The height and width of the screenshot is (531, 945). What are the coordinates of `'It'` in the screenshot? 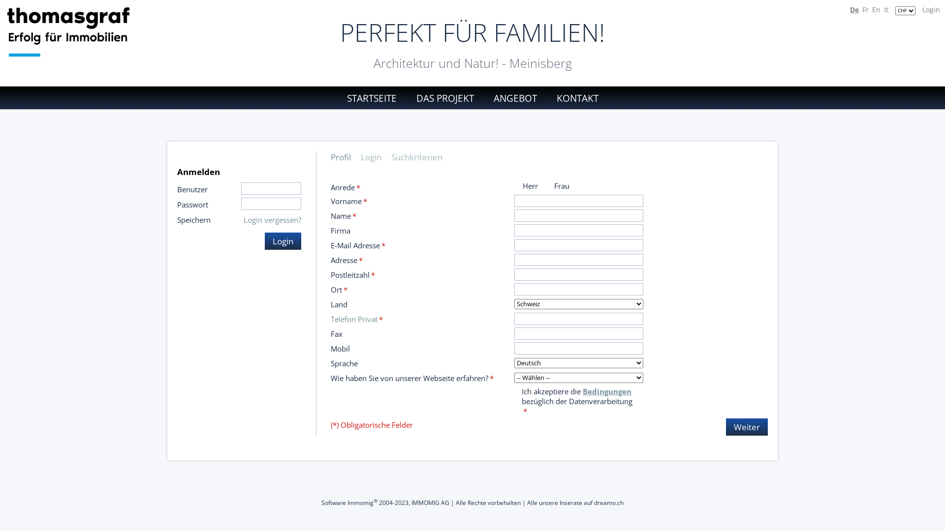 It's located at (886, 9).